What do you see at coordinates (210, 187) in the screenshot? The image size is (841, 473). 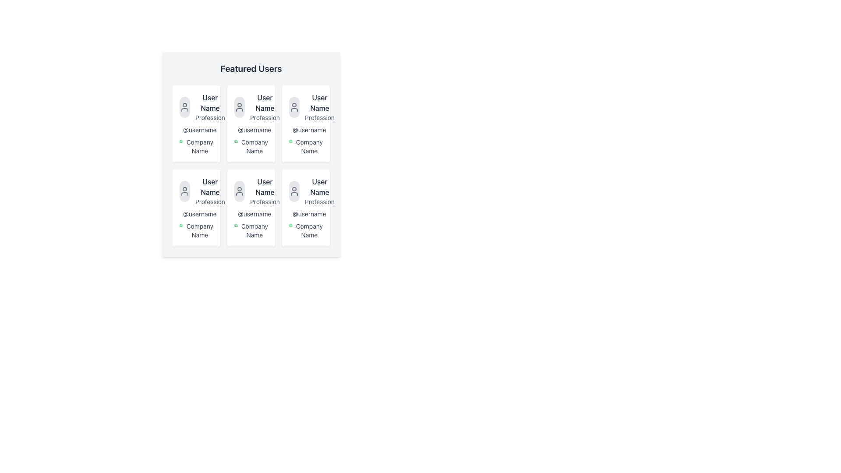 I see `the user's name displayed in the profile card, located in the second row of the third card in a grid layout, positioned centrally above the 'Profession' text and below an avatar placeholder` at bounding box center [210, 187].